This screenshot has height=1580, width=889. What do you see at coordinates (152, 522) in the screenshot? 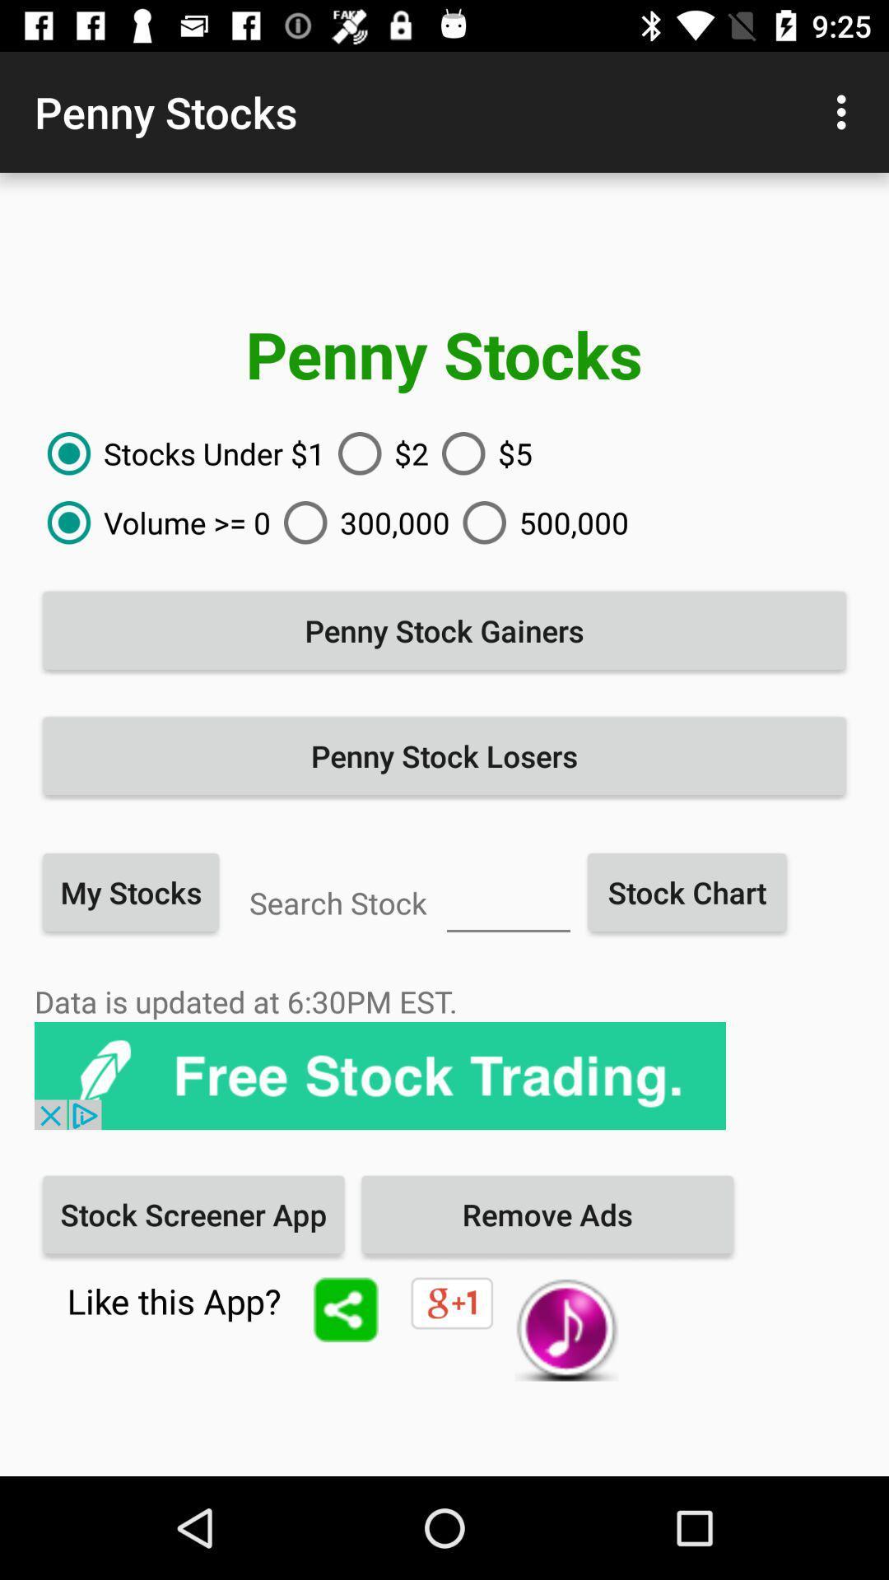
I see `the item below stocks under $1 icon` at bounding box center [152, 522].